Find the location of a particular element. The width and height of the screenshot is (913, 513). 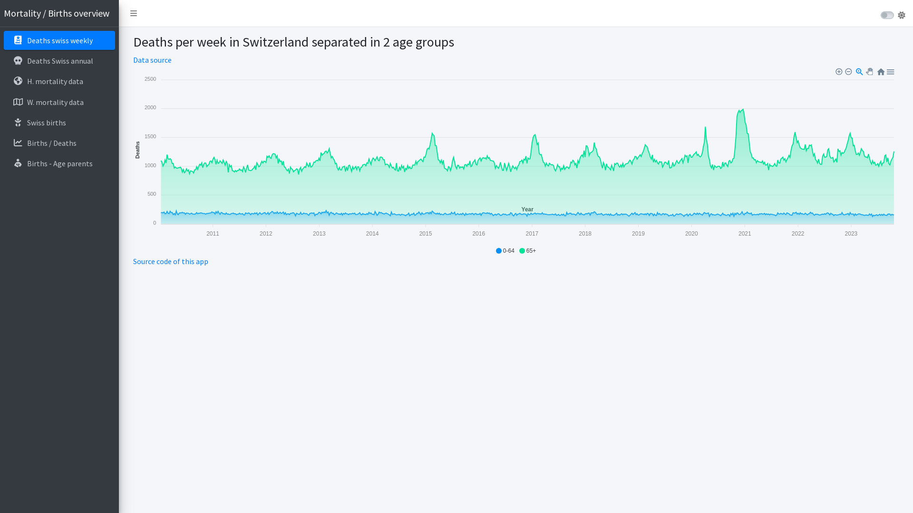

'W. mortality data' is located at coordinates (58, 102).